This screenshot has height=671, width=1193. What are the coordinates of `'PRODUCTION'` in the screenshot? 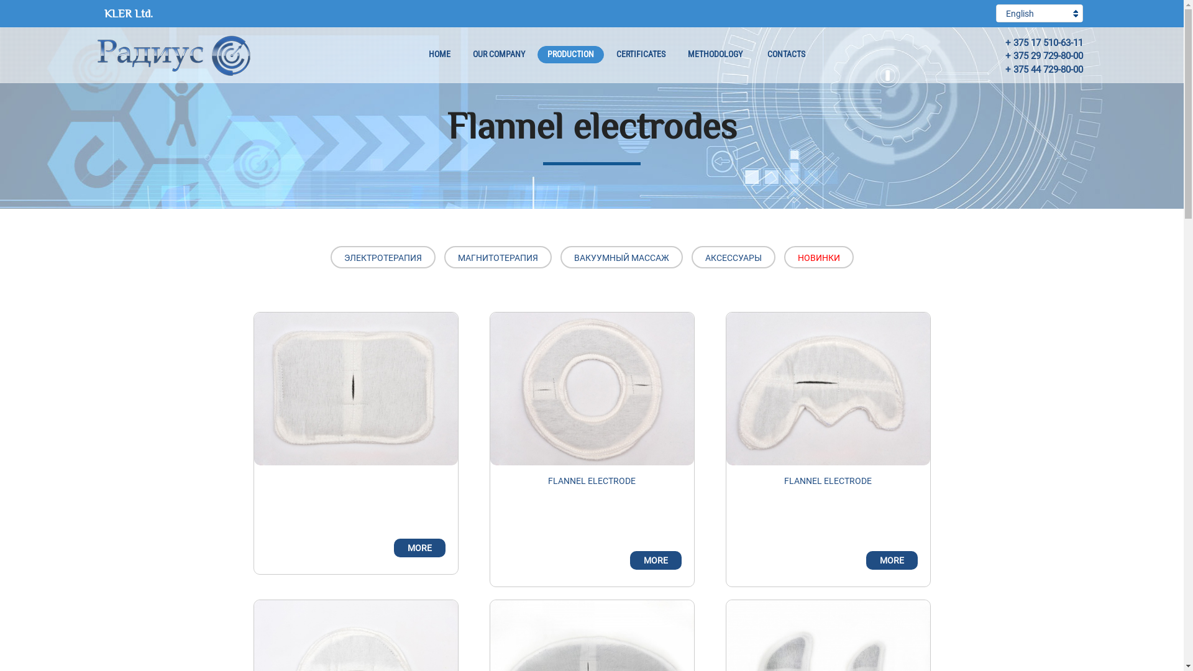 It's located at (537, 54).